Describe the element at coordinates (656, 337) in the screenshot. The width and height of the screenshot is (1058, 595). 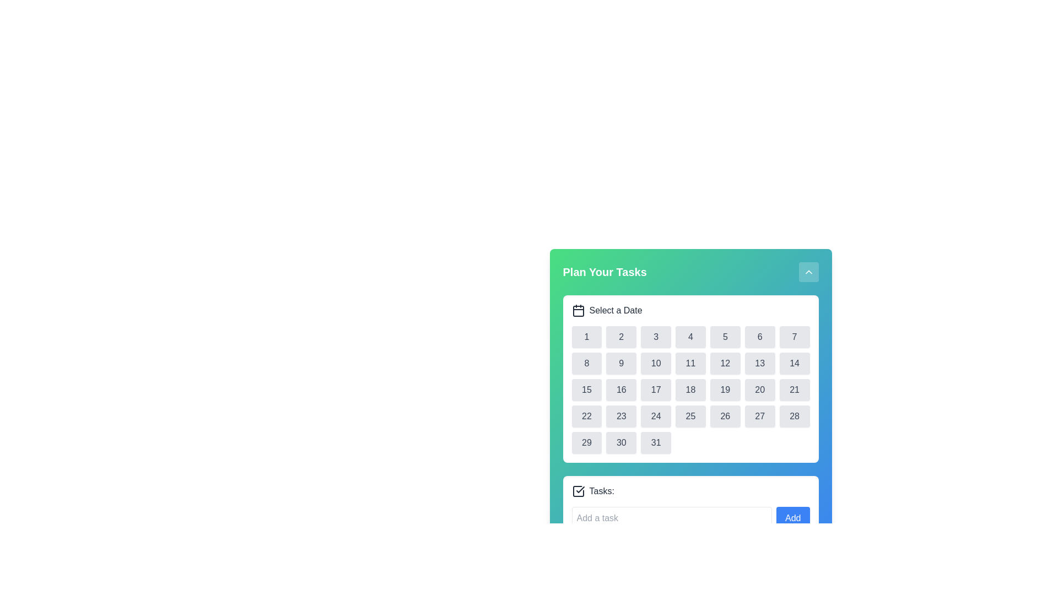
I see `the selectable calendar date button for the 3rd day of the month` at that location.